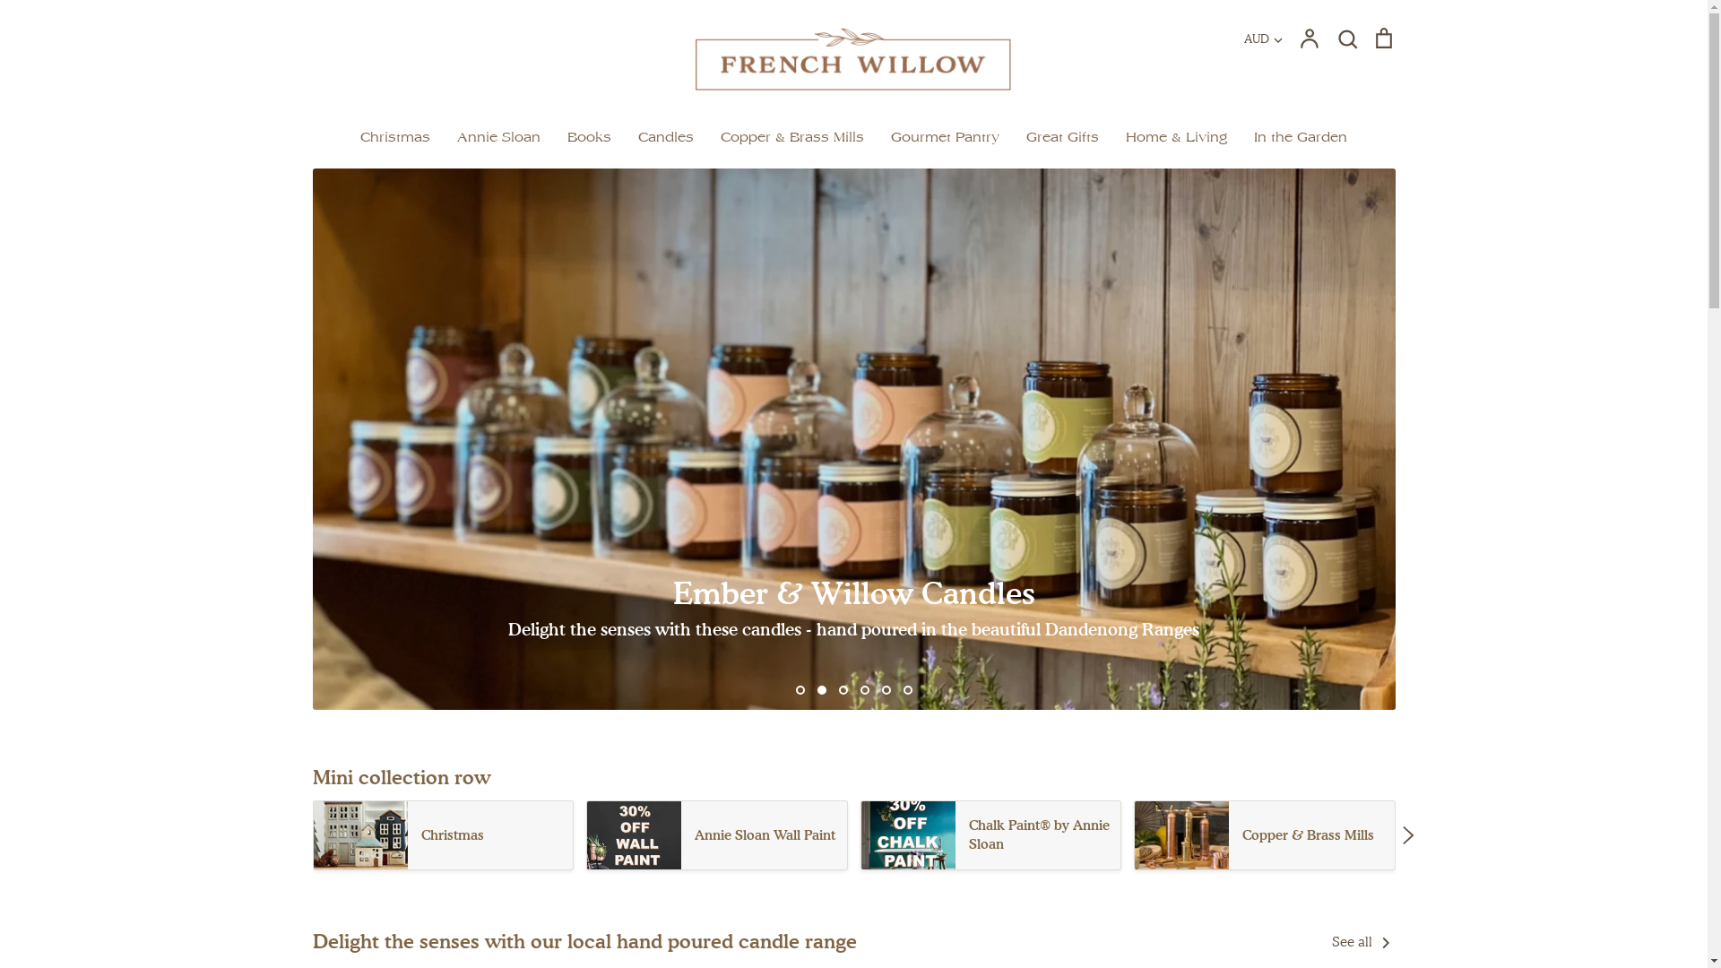 The image size is (1721, 968). What do you see at coordinates (944, 136) in the screenshot?
I see `'Gourmet Pantry'` at bounding box center [944, 136].